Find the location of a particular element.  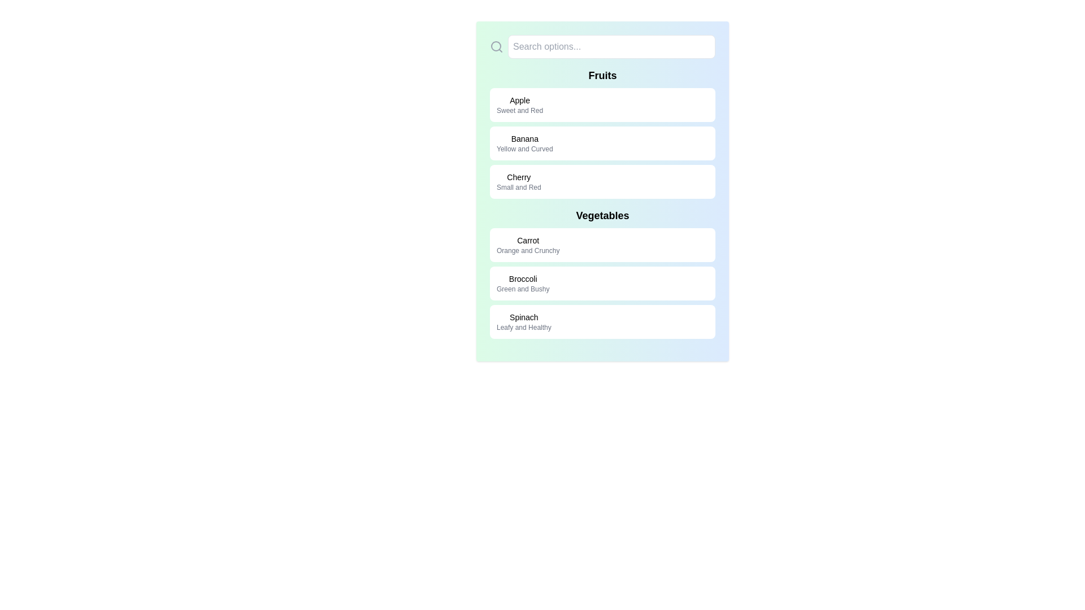

the text label that identifies 'Cherry' within the 'Fruits' section of the list is located at coordinates (518, 177).